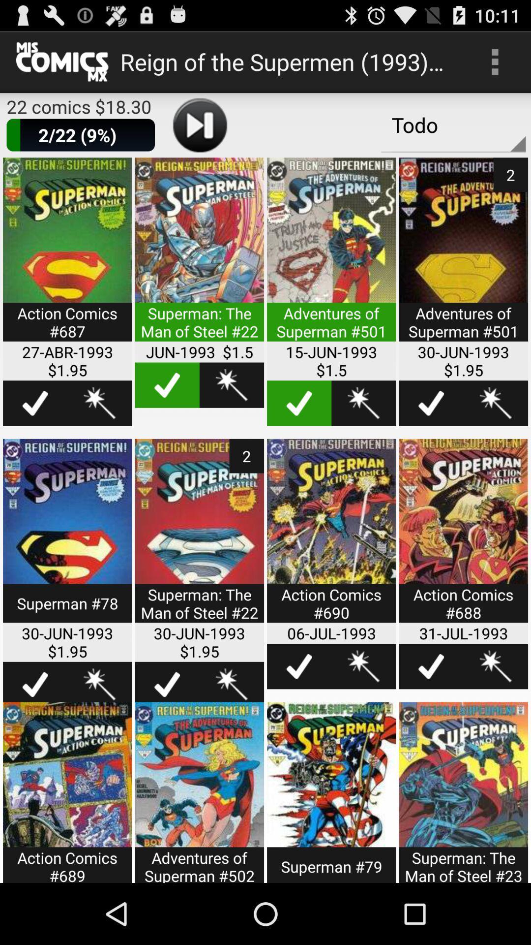 This screenshot has width=531, height=945. I want to click on check, so click(298, 403).